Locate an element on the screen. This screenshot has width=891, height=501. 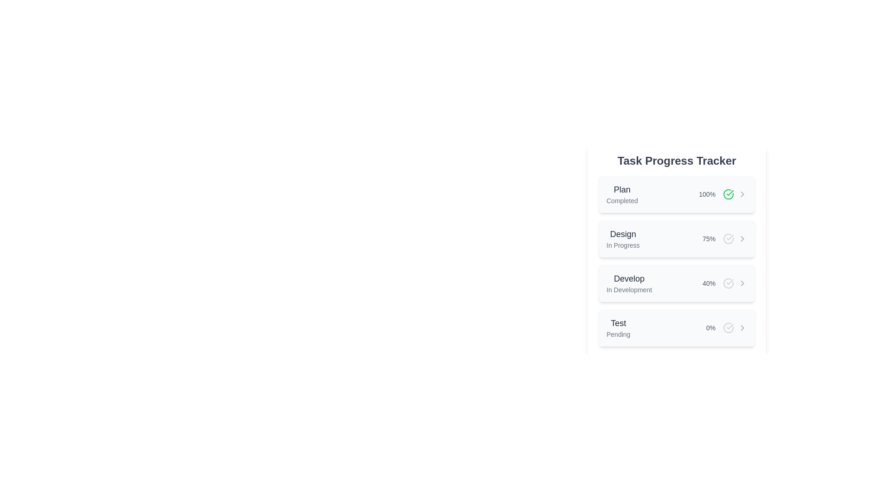
the Chevron icon located at the rightmost edge of the 'Develop' section is located at coordinates (742, 283).